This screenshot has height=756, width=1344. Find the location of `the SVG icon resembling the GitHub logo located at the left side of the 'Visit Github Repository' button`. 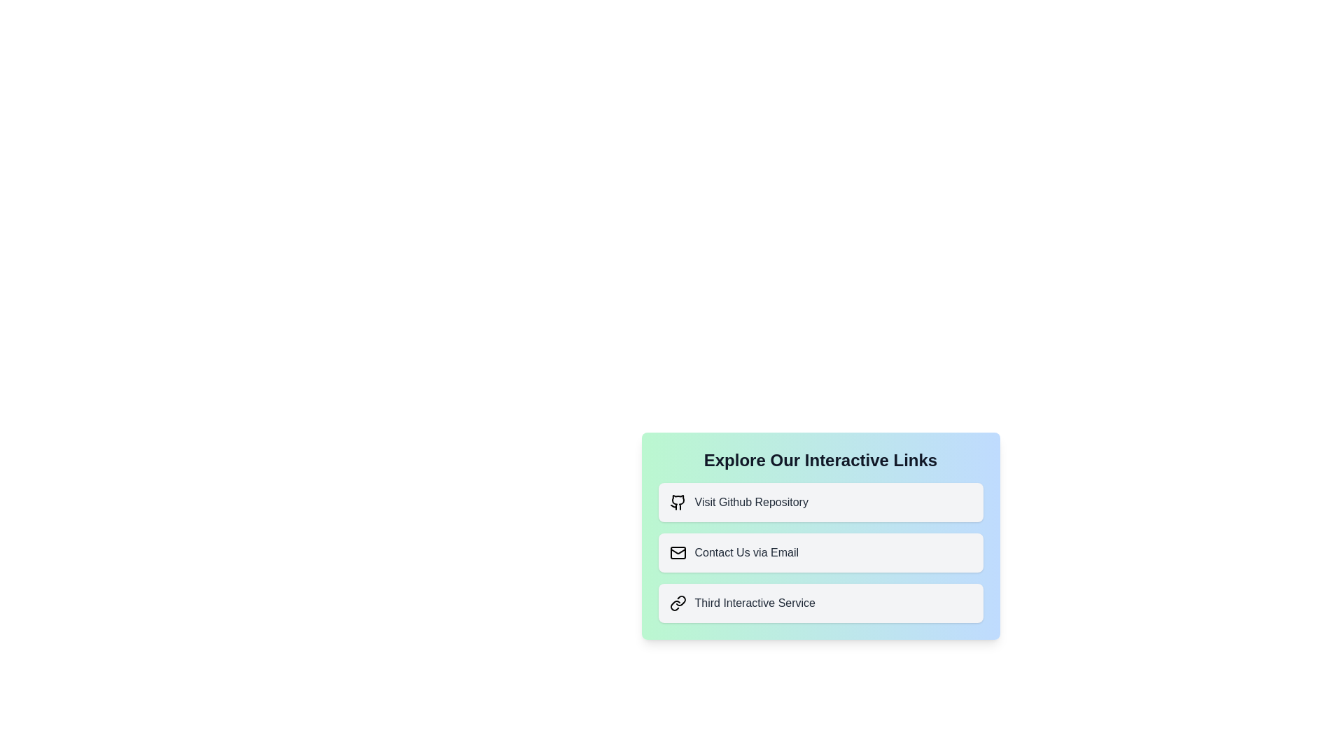

the SVG icon resembling the GitHub logo located at the left side of the 'Visit Github Repository' button is located at coordinates (678, 501).